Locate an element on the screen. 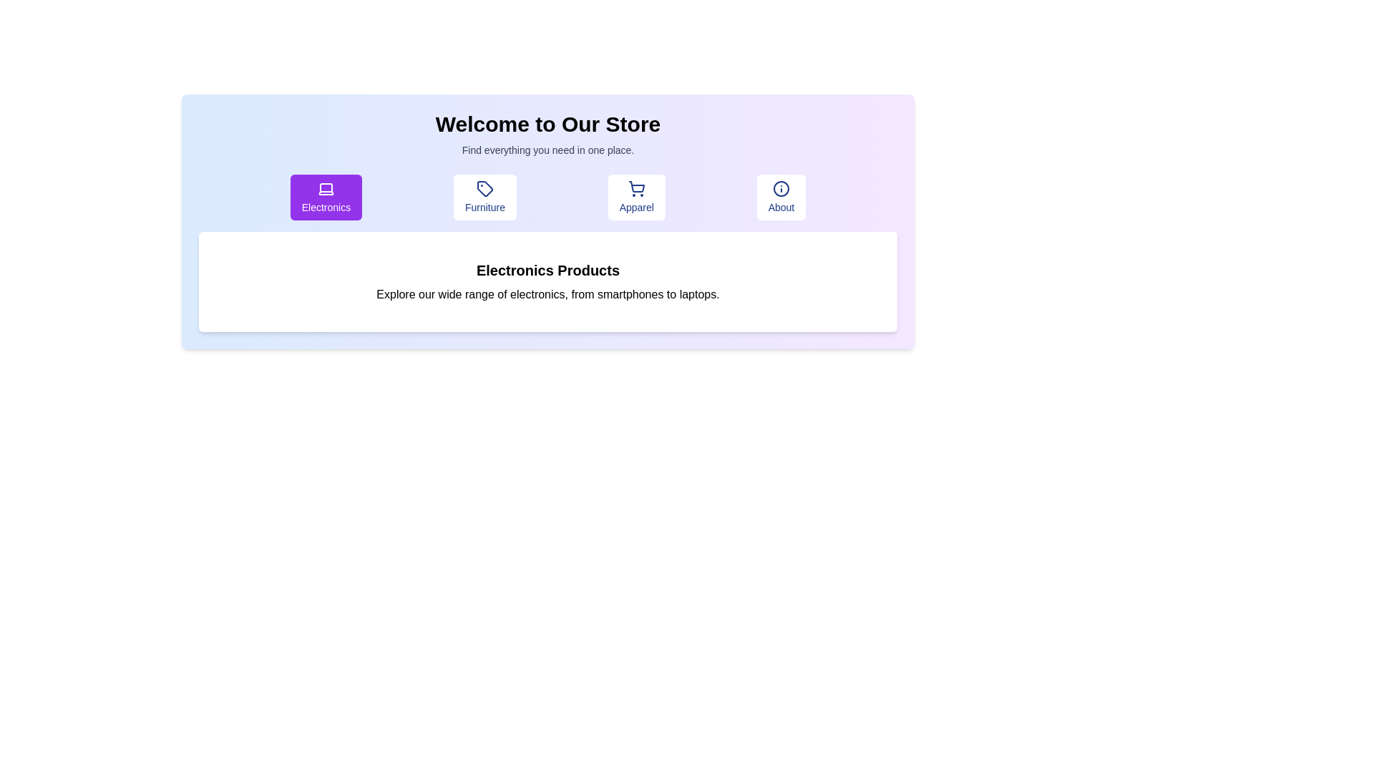  the 'Furniture' button, which has a white background, rounded corners, and a blue tag icon at the top center is located at coordinates (484, 198).